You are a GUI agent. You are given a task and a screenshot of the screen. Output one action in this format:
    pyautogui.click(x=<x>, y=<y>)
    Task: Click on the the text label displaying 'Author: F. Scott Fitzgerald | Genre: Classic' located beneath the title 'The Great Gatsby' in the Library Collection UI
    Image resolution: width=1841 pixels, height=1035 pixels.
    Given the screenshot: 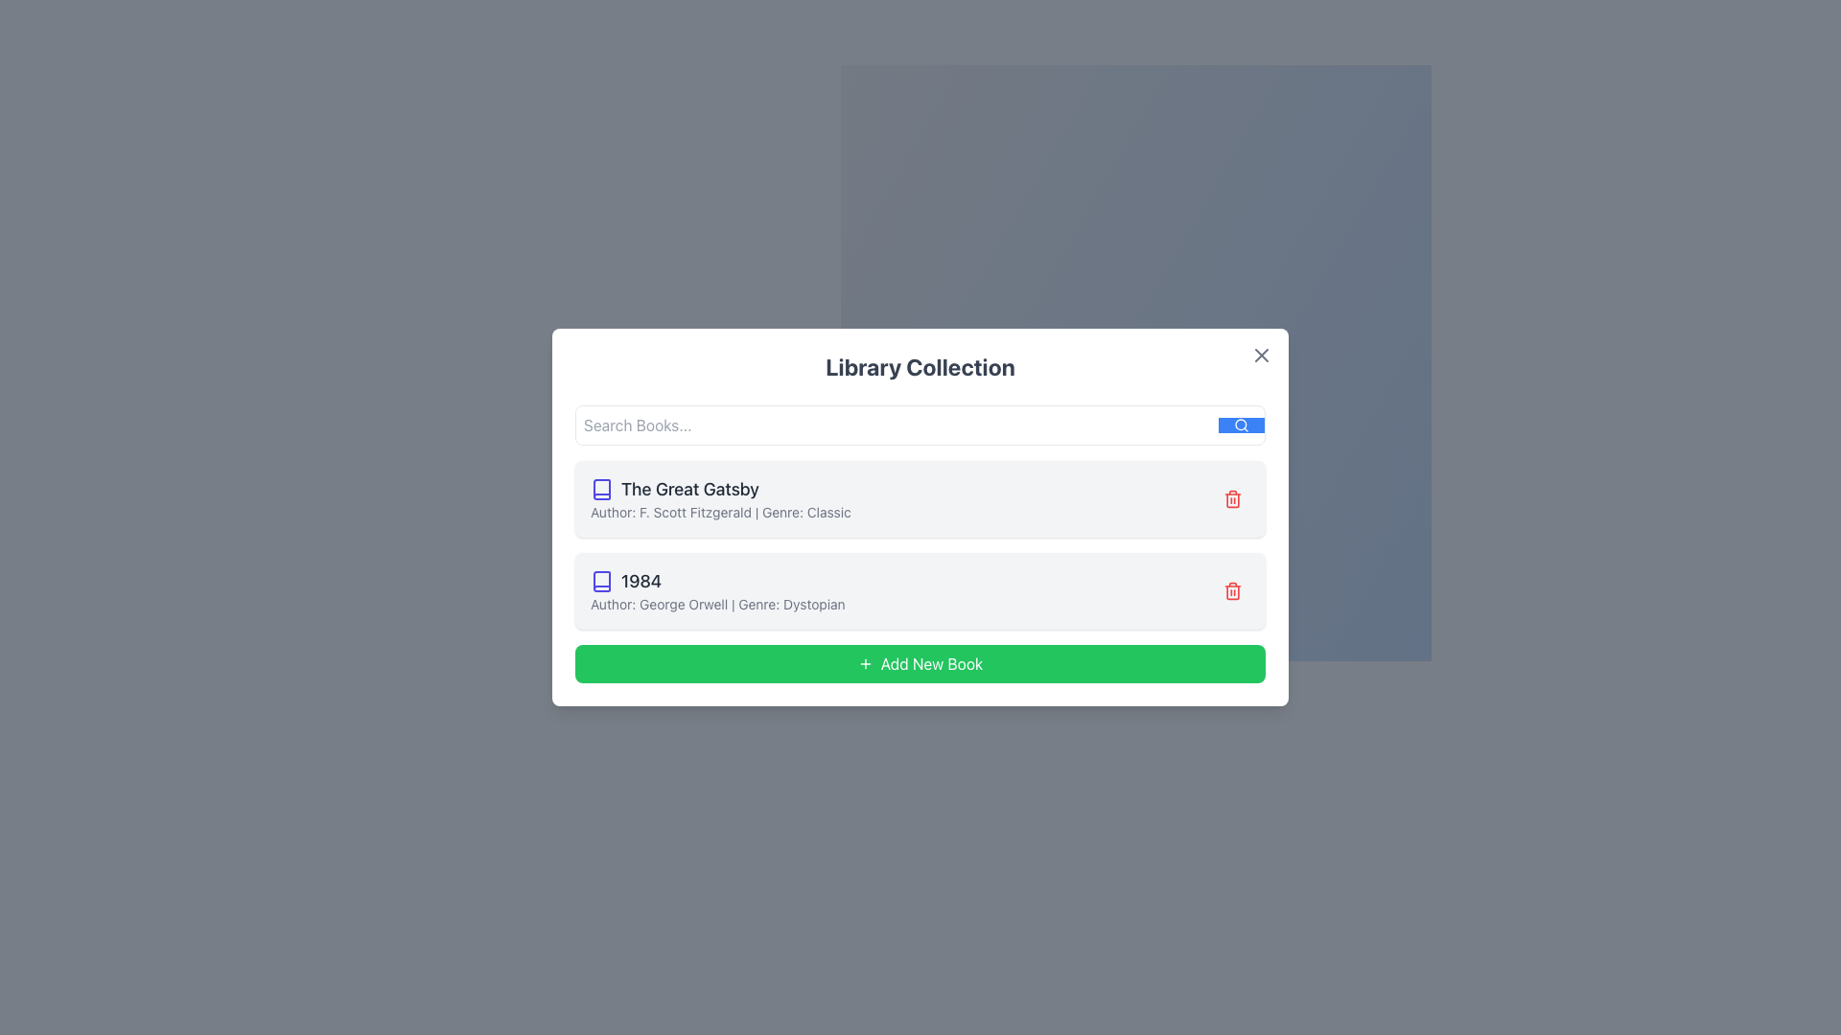 What is the action you would take?
    pyautogui.click(x=719, y=512)
    